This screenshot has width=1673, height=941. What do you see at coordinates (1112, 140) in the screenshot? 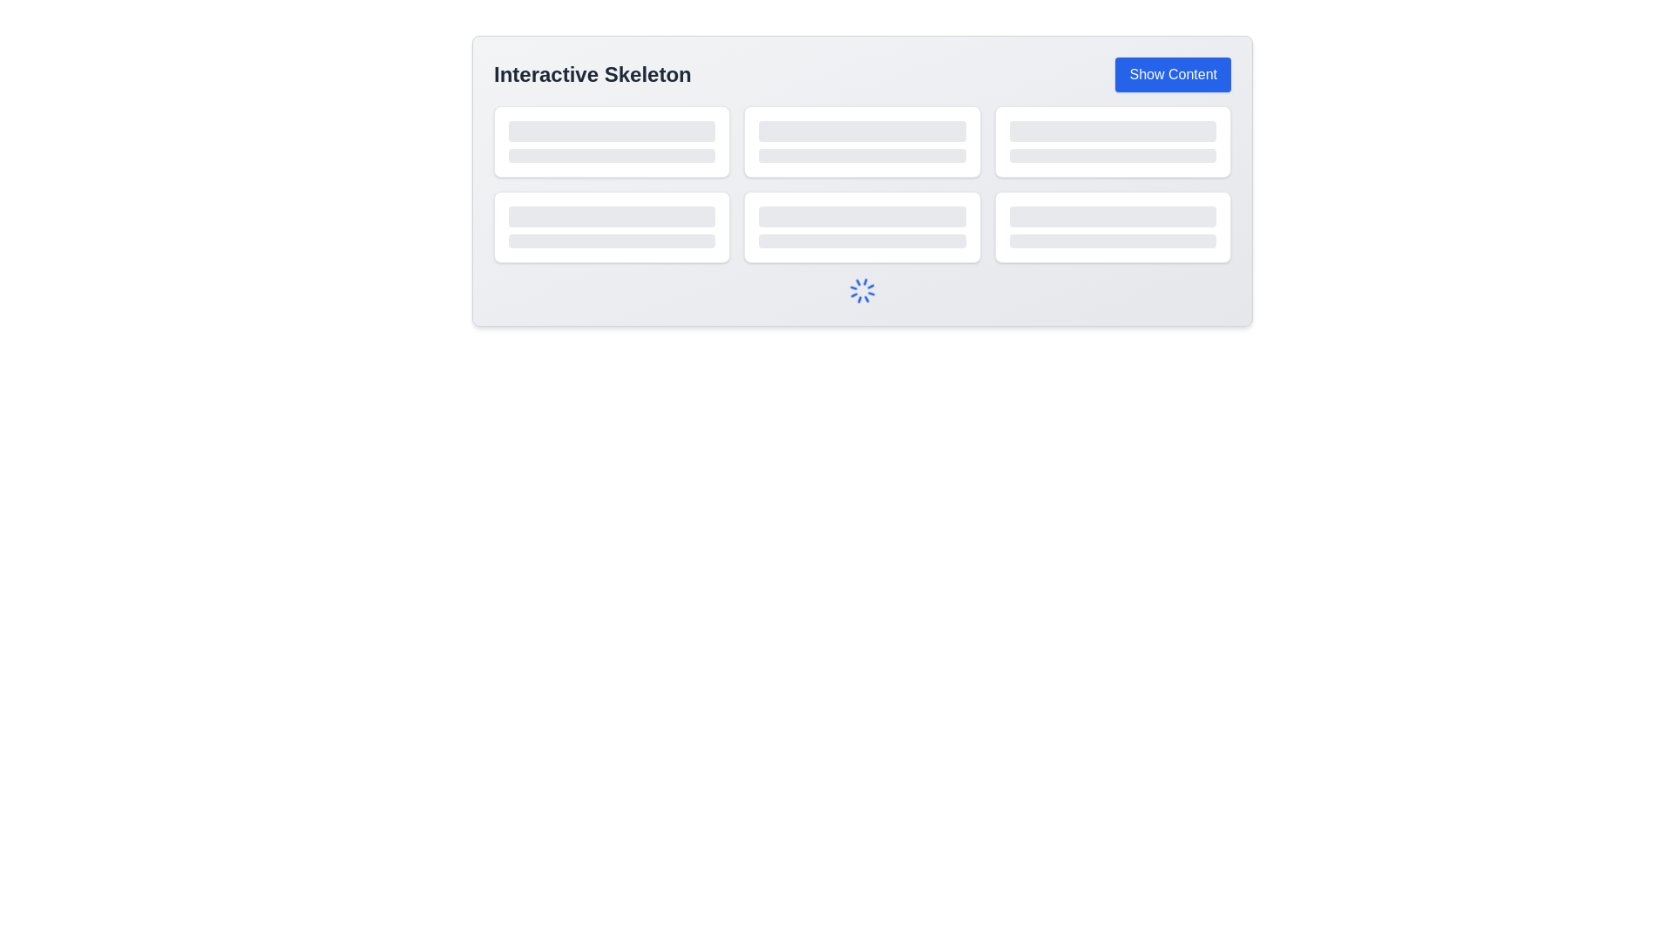
I see `the placeholder card located in the first row and third column of the grid layout, which serves as a visual skeleton for content that is currently loading or unavailable` at bounding box center [1112, 140].